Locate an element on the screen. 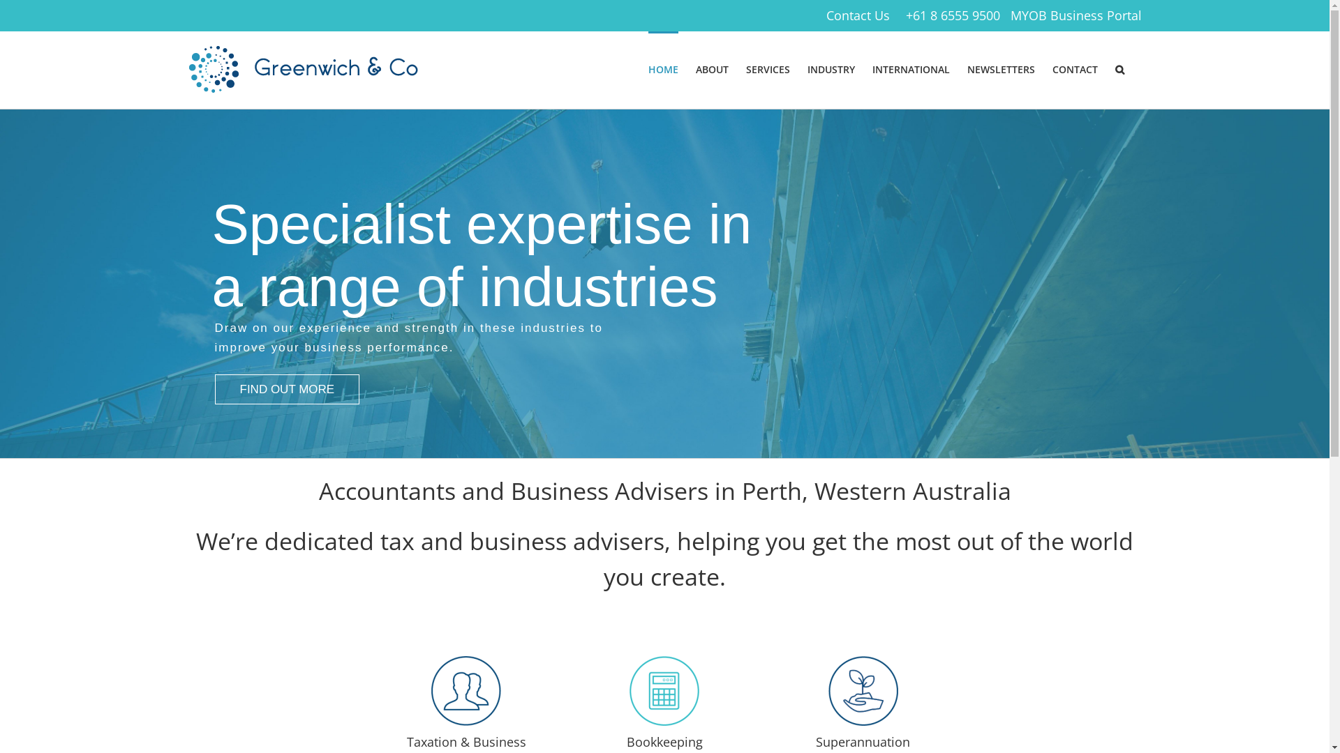  'SERVICES' is located at coordinates (766, 68).